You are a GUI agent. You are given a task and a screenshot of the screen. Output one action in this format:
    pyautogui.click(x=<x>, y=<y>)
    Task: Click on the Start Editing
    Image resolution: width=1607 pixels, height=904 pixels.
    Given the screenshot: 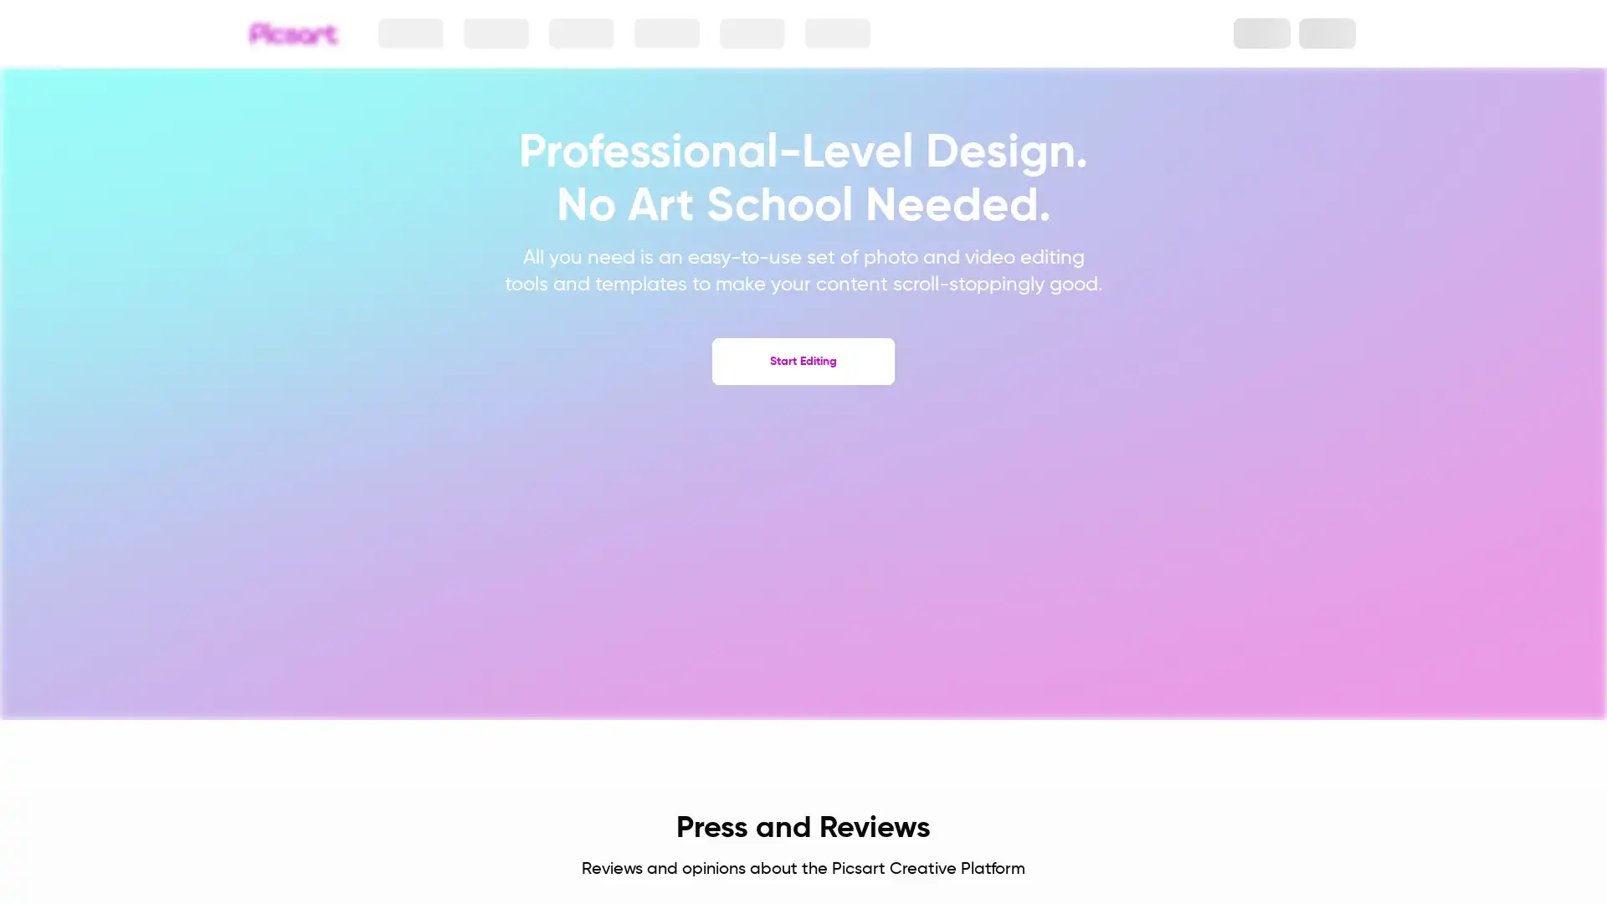 What is the action you would take?
    pyautogui.click(x=803, y=361)
    